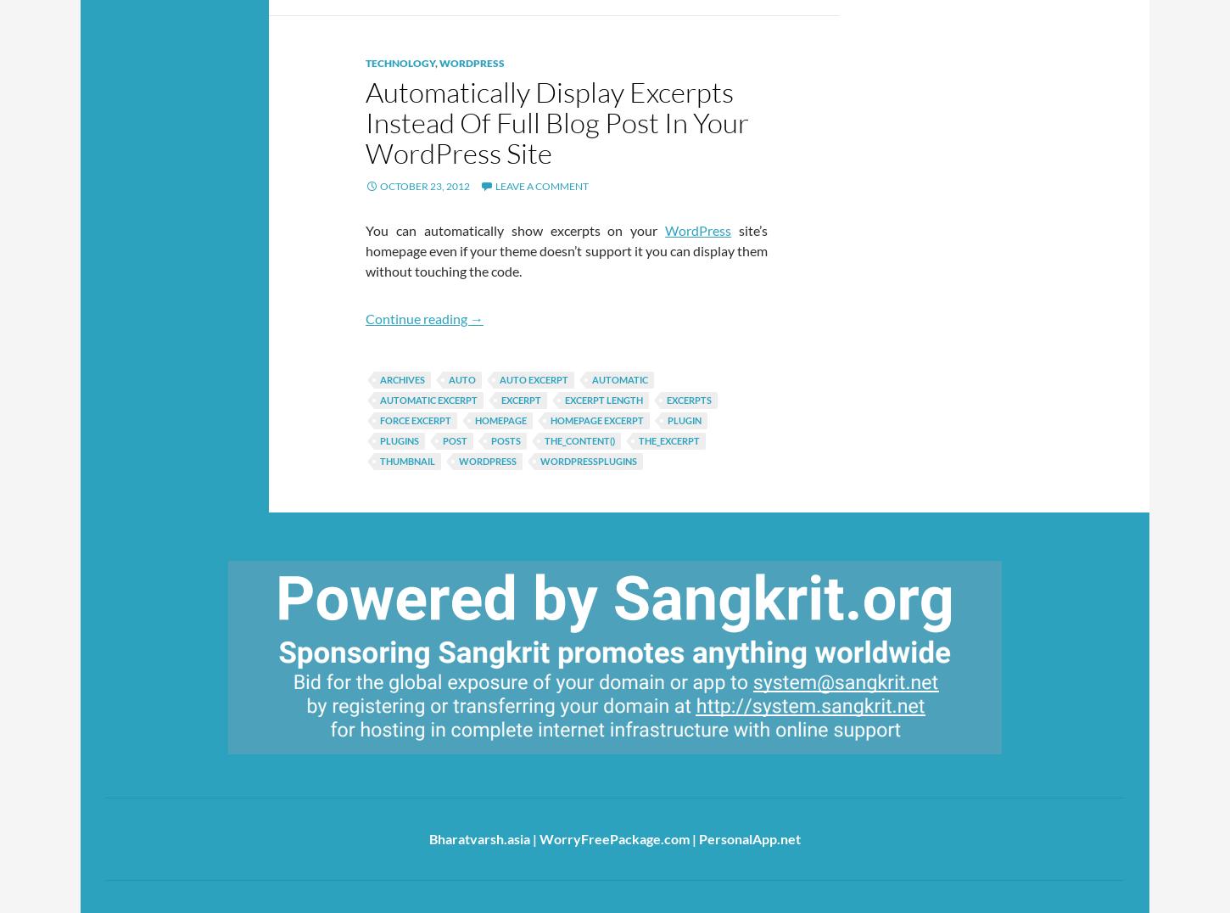 The image size is (1230, 913). I want to click on 'Leave a comment', so click(541, 185).